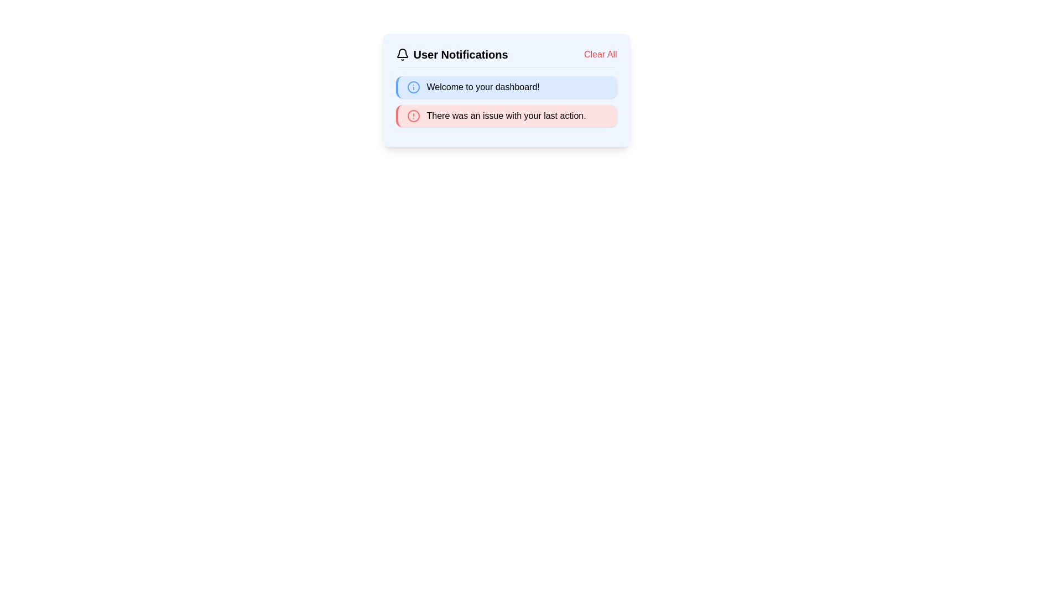 This screenshot has height=597, width=1062. Describe the element at coordinates (413, 116) in the screenshot. I see `the red circular SVG icon with a white border located inside the error notification message in the 'User Notifications' modal, which is left-aligned next to the text 'There was an issue with your last action.'` at that location.